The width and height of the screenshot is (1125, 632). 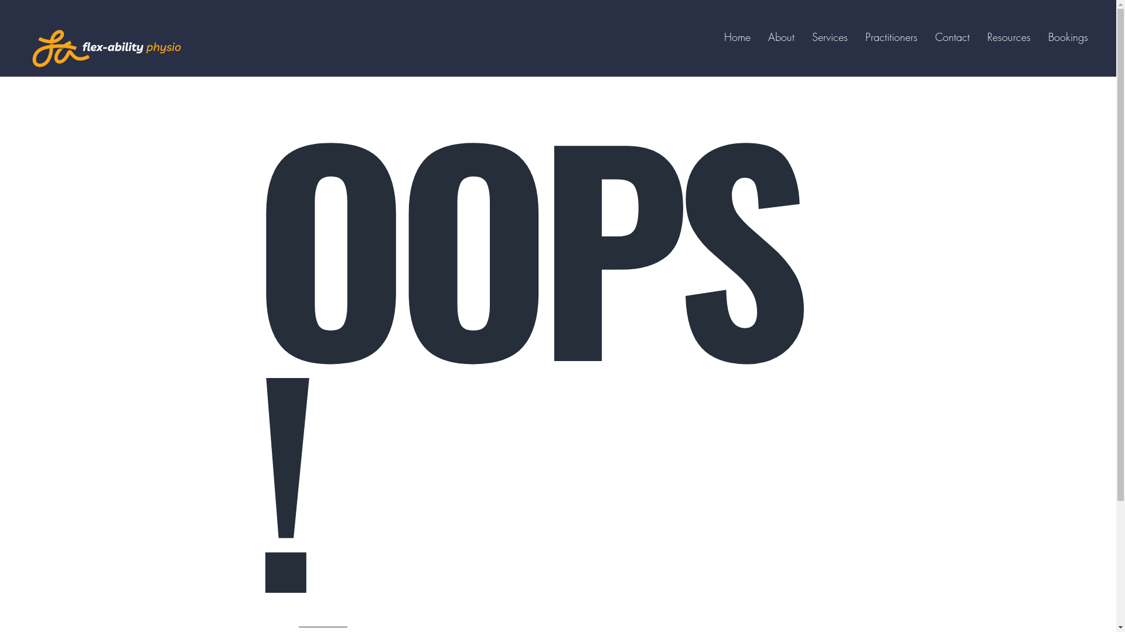 What do you see at coordinates (829, 36) in the screenshot?
I see `'Services'` at bounding box center [829, 36].